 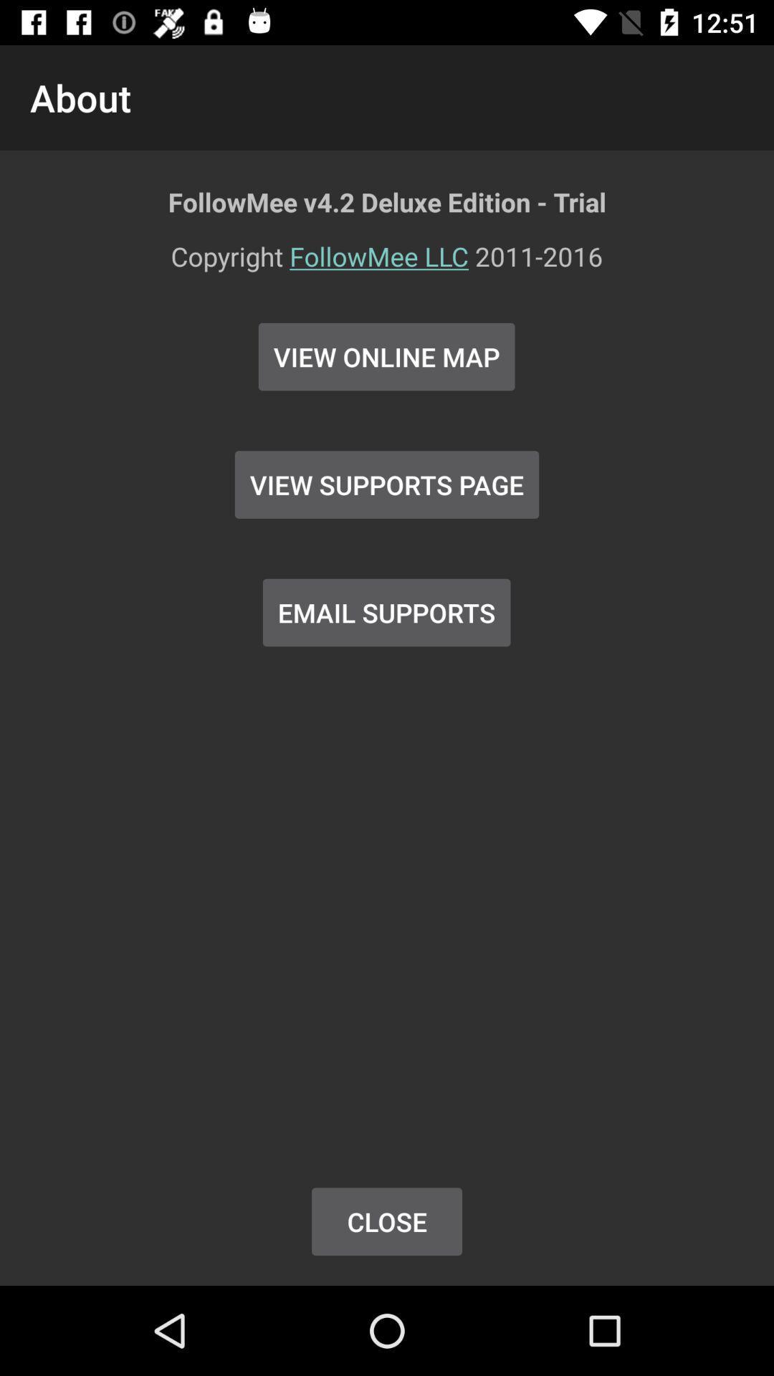 What do you see at coordinates (386, 612) in the screenshot?
I see `the email supports item` at bounding box center [386, 612].